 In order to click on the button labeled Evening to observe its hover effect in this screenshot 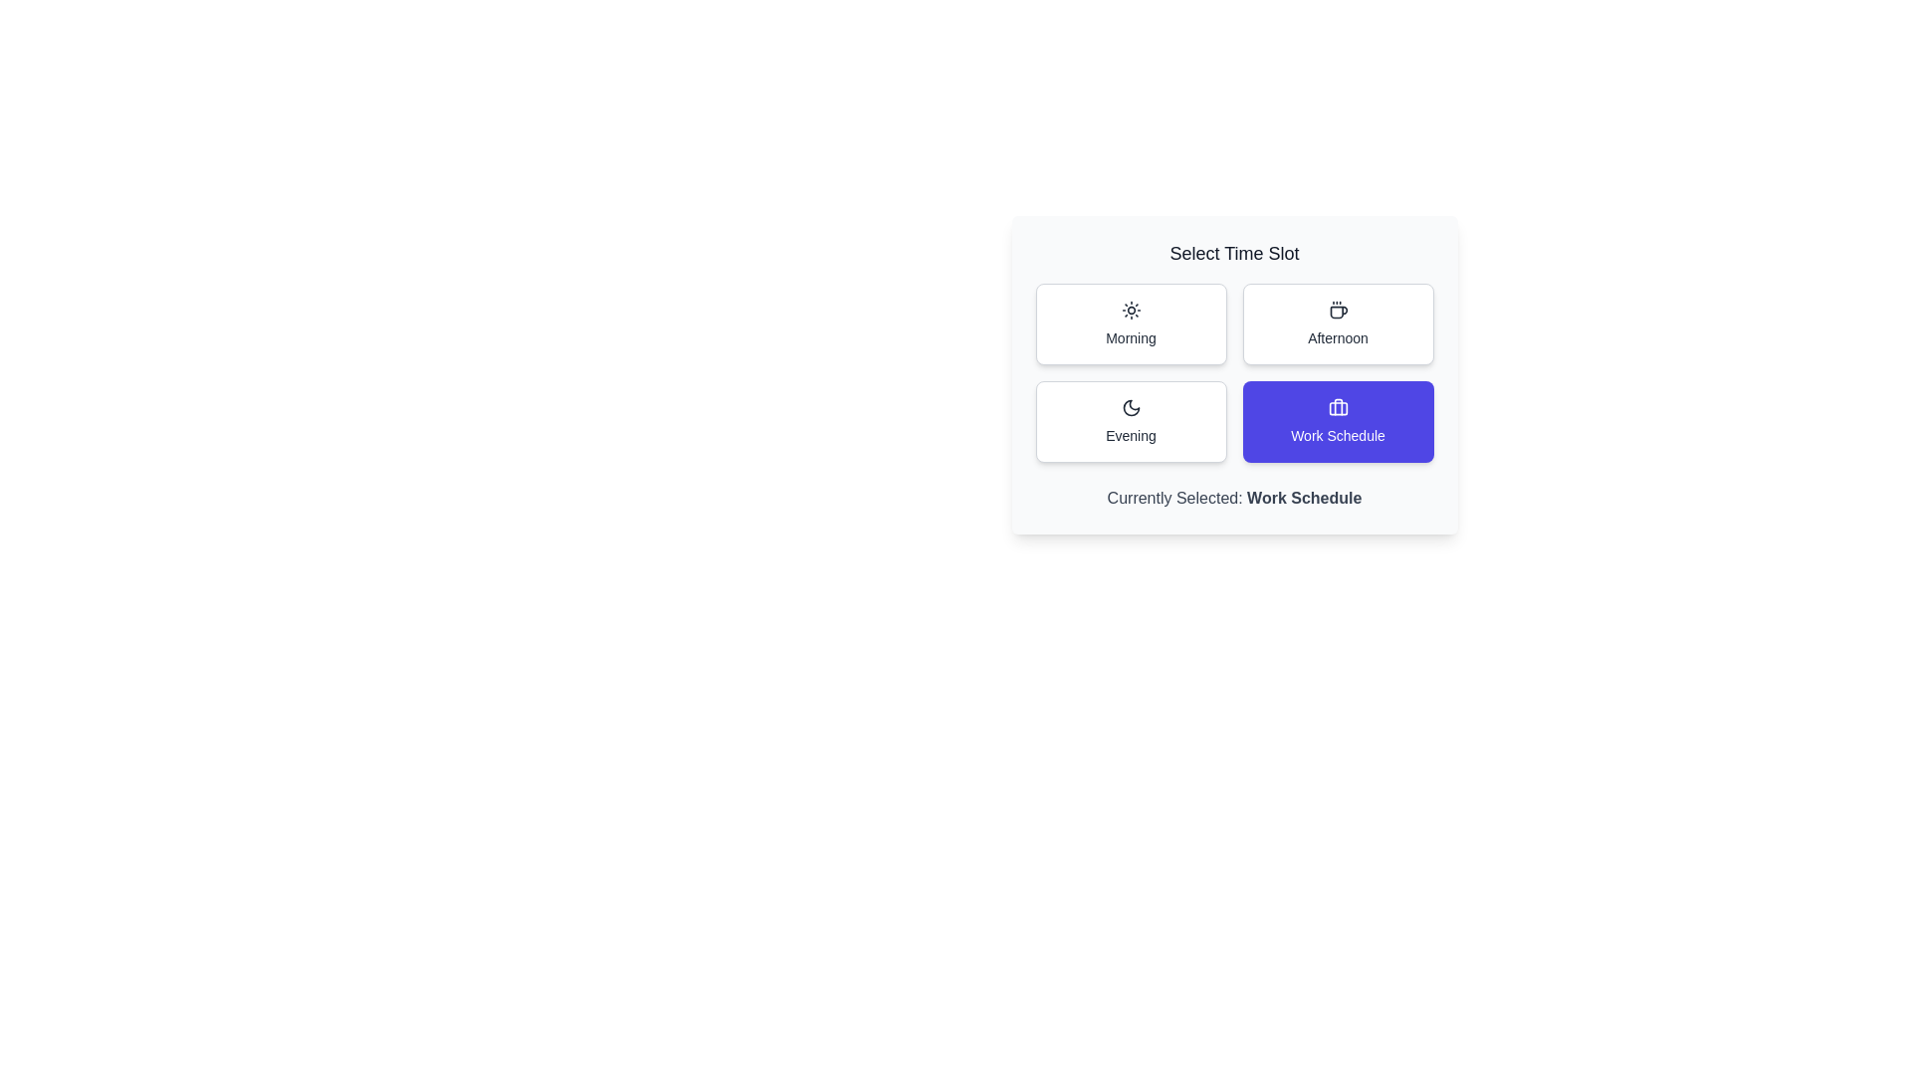, I will do `click(1131, 421)`.